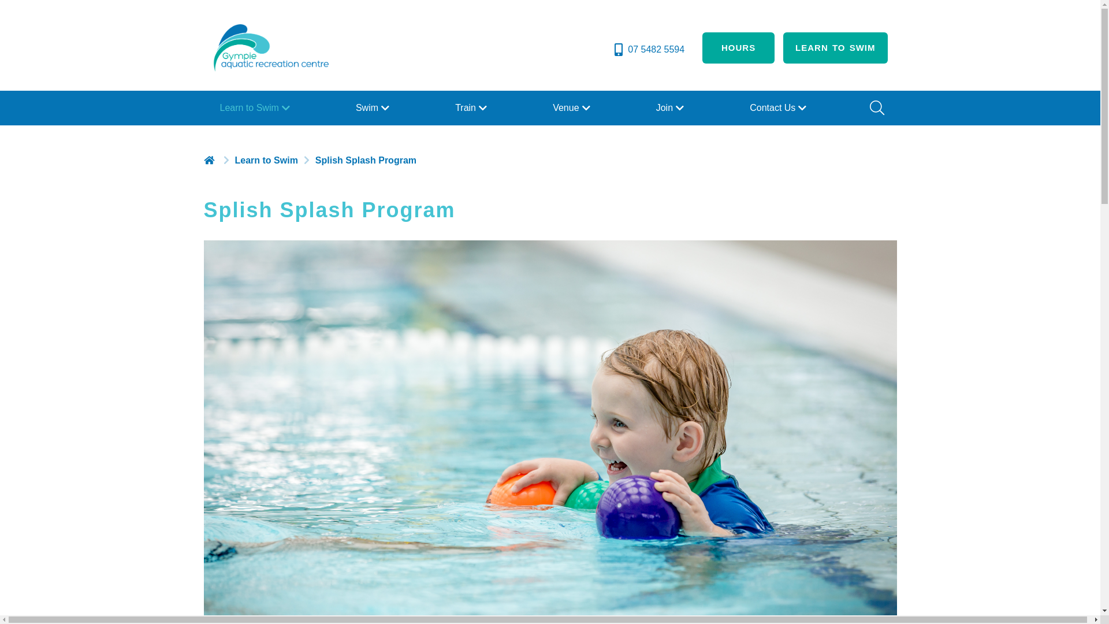 The height and width of the screenshot is (624, 1109). Describe the element at coordinates (255, 107) in the screenshot. I see `'Learn to Swim'` at that location.